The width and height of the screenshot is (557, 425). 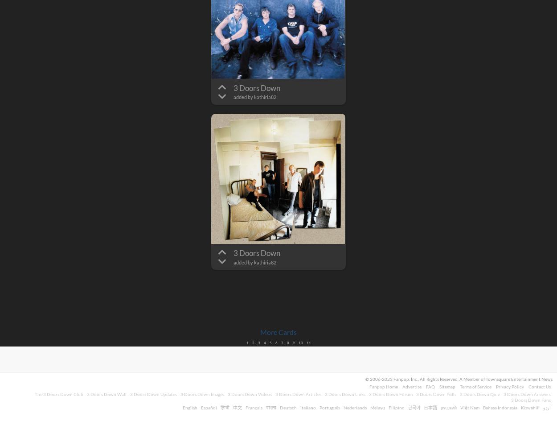 What do you see at coordinates (324, 394) in the screenshot?
I see `'3 Doors Down Links'` at bounding box center [324, 394].